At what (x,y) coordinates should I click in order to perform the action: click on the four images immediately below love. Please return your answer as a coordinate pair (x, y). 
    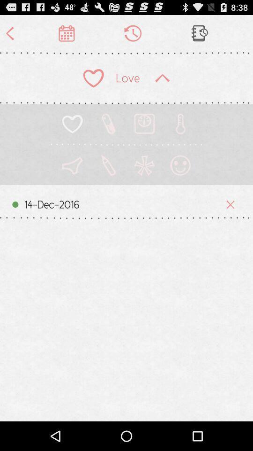
    Looking at the image, I should click on (126, 129).